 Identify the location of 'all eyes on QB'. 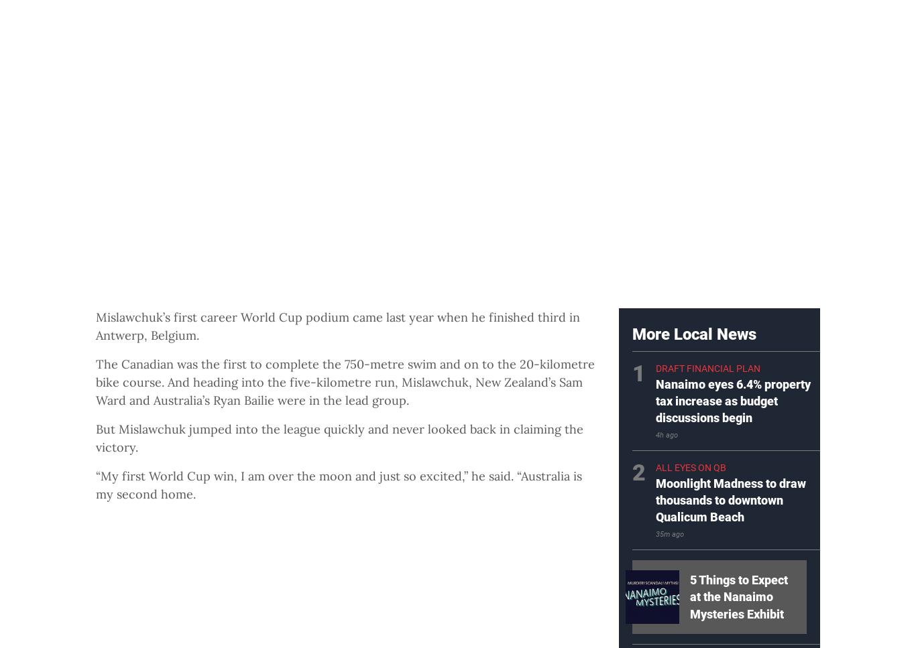
(690, 467).